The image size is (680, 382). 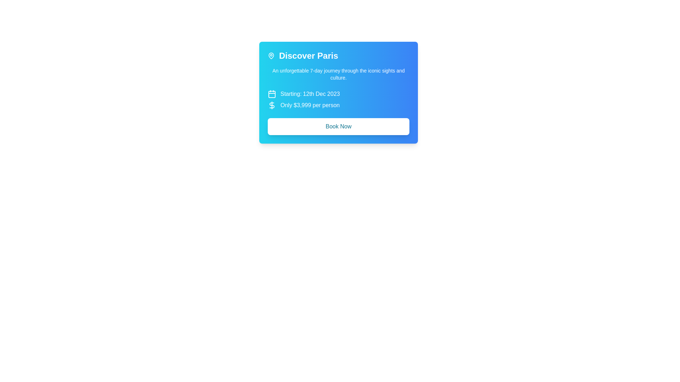 I want to click on the 'Book Now' button, which is a rectangular button with a white background and rounded corners, located below the travel advertisement for a Paris tour, so click(x=338, y=126).